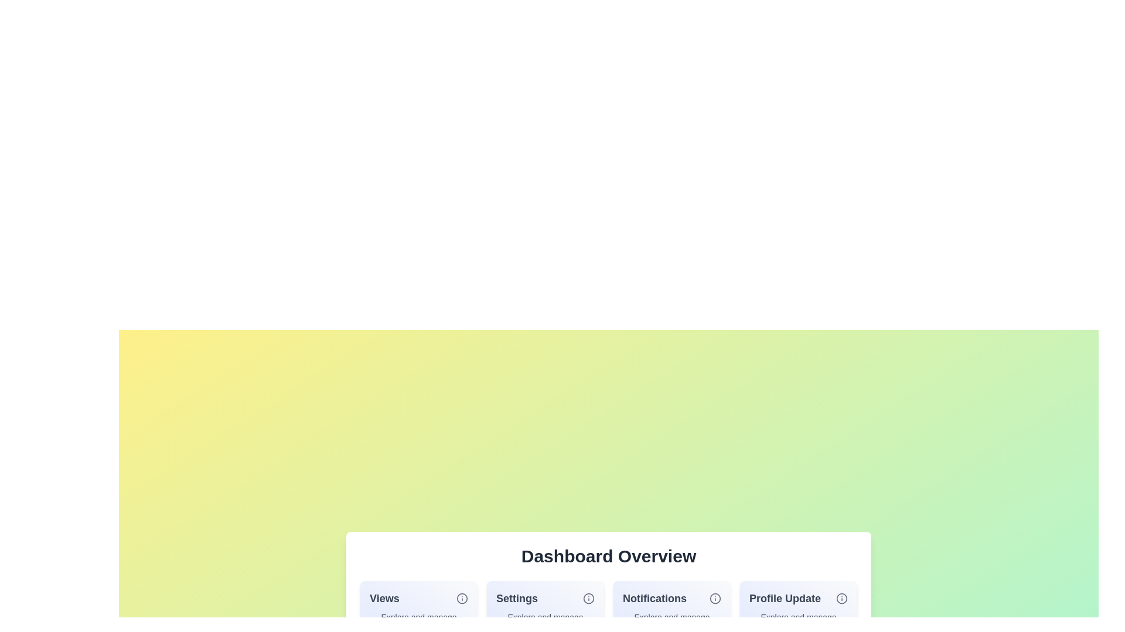 The width and height of the screenshot is (1125, 632). I want to click on the informational icon adjacent to the 'Notifications' label, so click(672, 598).